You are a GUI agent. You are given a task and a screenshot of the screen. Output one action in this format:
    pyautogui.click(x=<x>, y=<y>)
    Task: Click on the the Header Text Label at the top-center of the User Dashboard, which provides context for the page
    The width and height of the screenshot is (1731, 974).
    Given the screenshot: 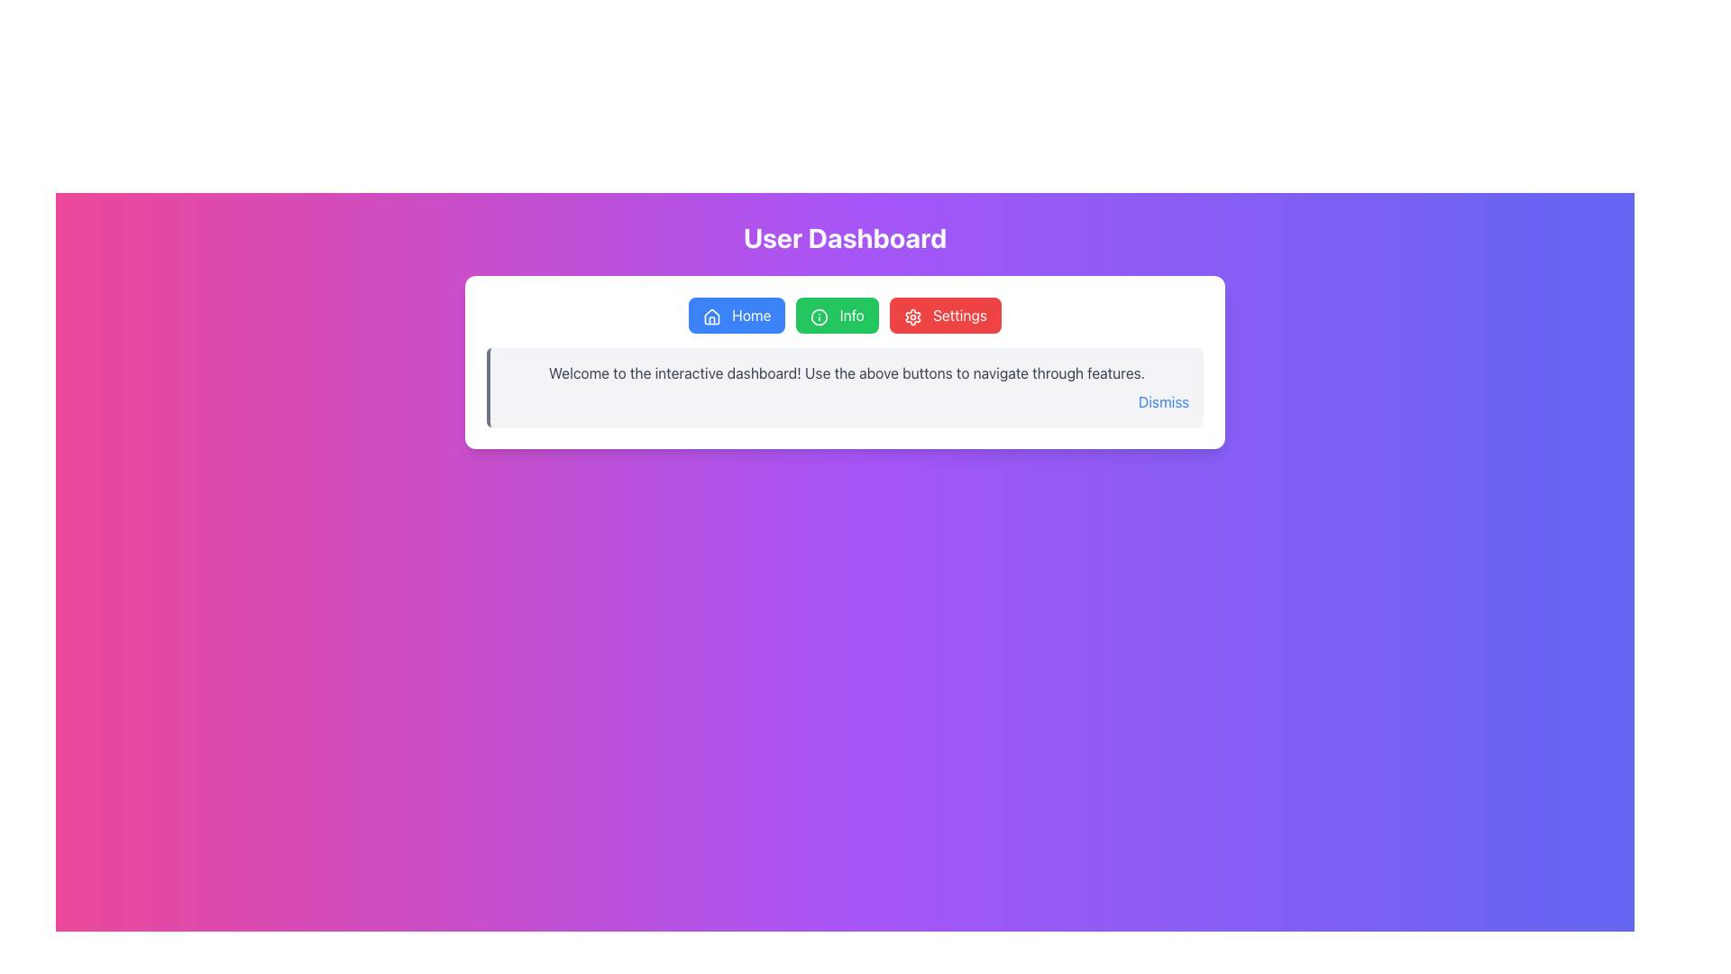 What is the action you would take?
    pyautogui.click(x=844, y=236)
    